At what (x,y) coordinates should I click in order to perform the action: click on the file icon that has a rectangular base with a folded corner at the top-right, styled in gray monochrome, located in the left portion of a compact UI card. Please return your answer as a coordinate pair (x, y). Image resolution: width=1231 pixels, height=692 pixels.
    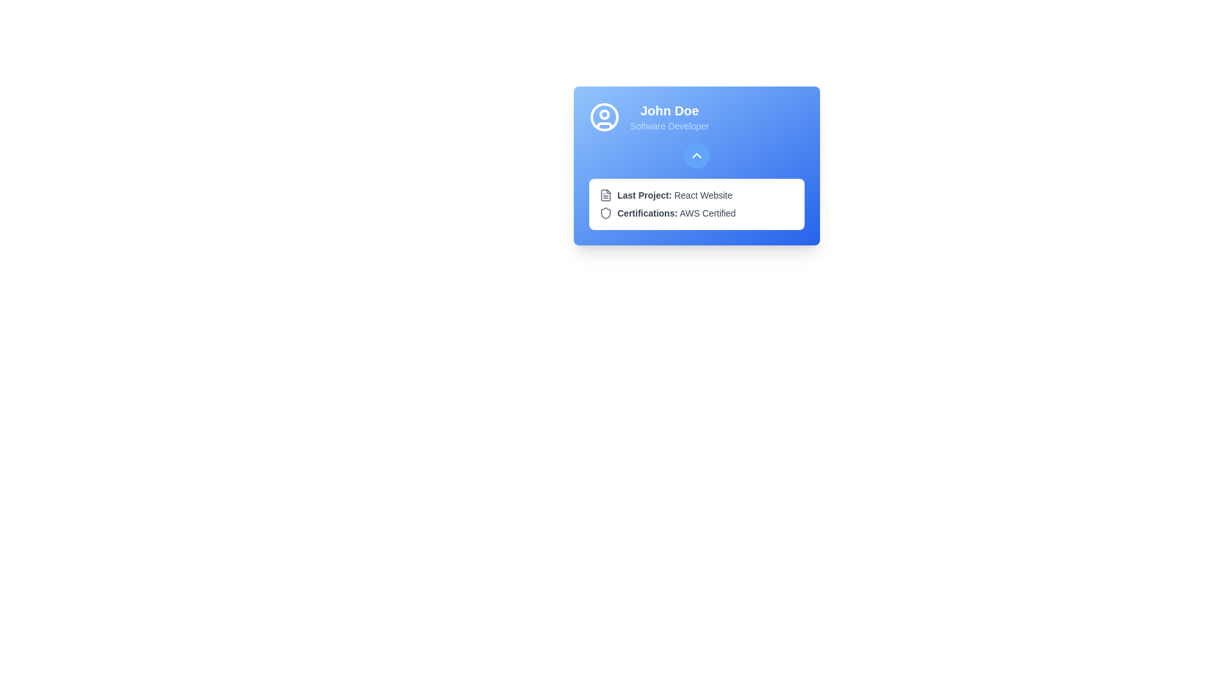
    Looking at the image, I should click on (605, 195).